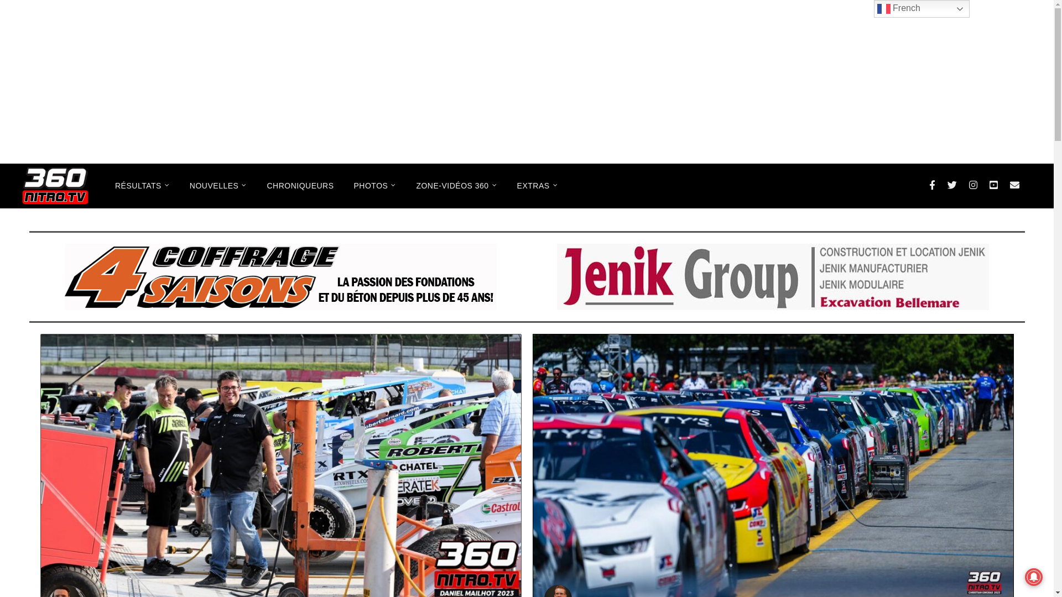  I want to click on 'EXTRAS', so click(537, 185).